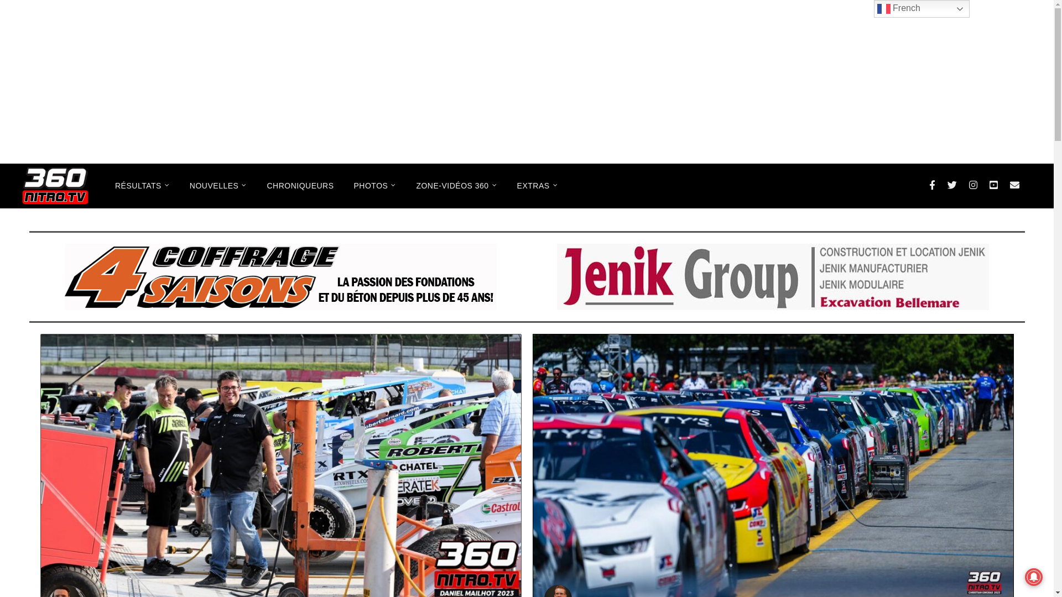  I want to click on 'EXTRAS', so click(537, 185).